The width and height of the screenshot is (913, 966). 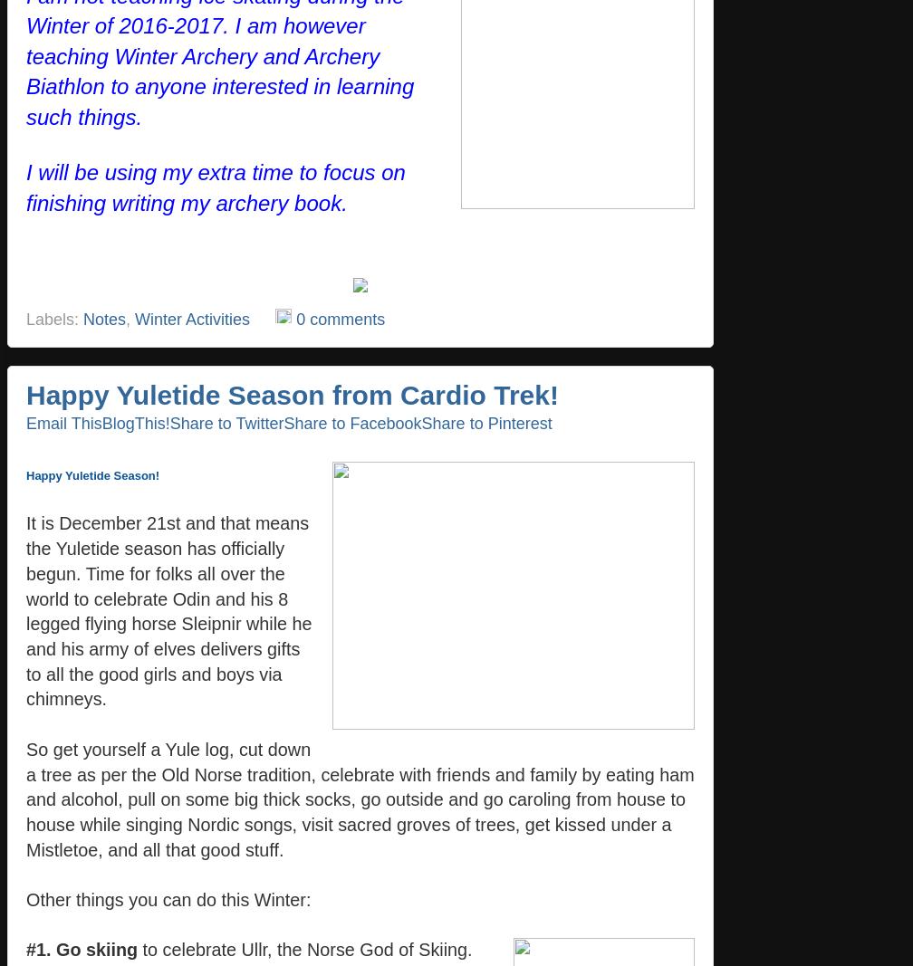 I want to click on '0
comments', so click(x=340, y=319).